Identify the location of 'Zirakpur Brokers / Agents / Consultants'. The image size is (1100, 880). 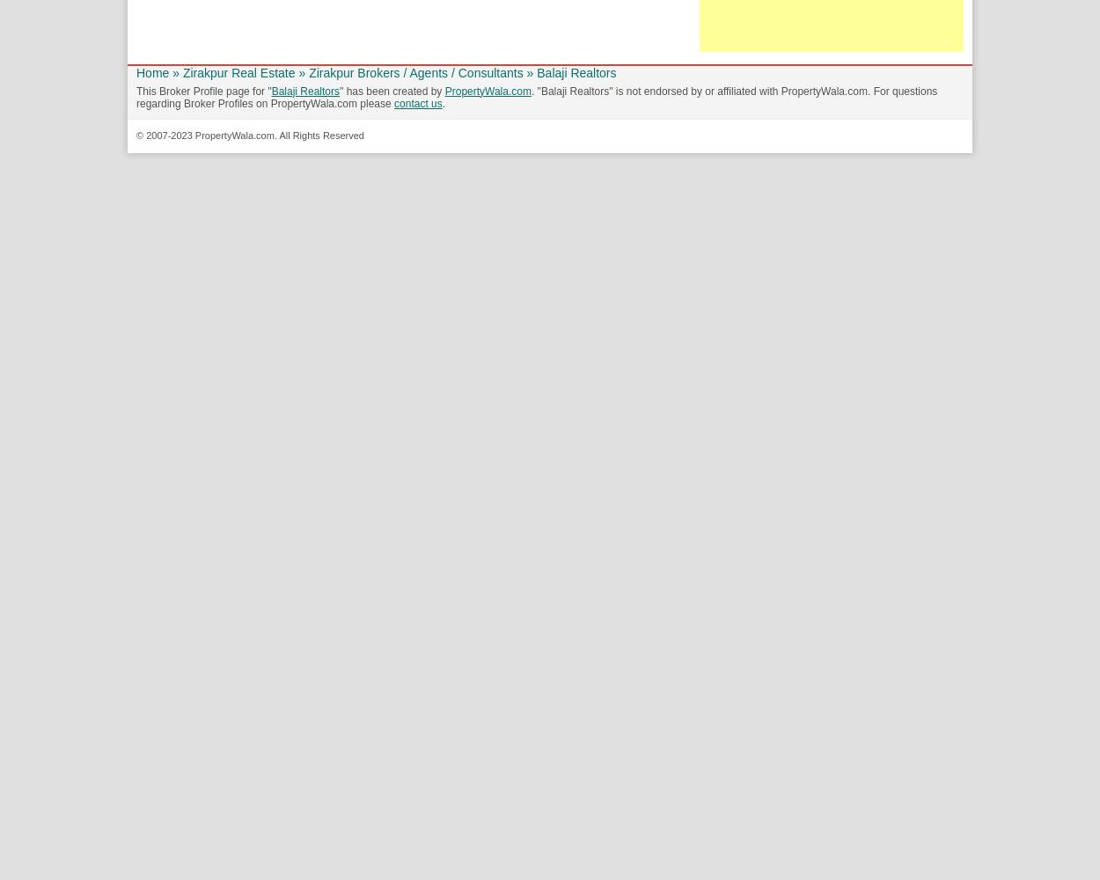
(414, 71).